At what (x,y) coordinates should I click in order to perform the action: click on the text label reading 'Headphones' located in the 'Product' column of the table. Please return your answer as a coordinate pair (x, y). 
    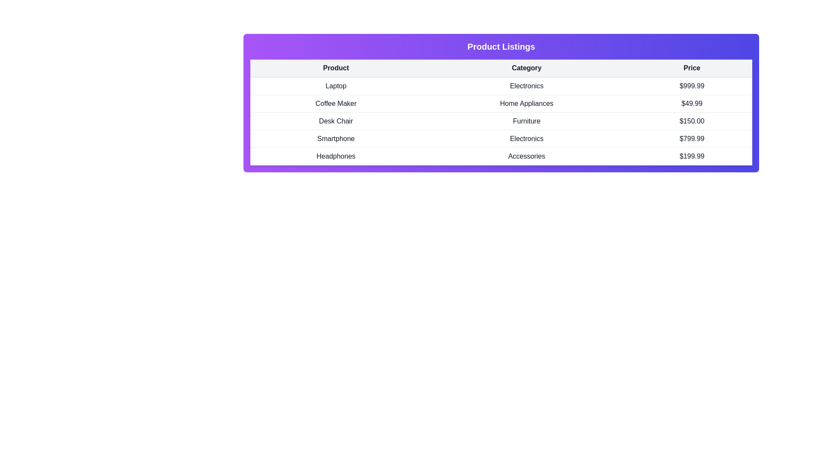
    Looking at the image, I should click on (335, 156).